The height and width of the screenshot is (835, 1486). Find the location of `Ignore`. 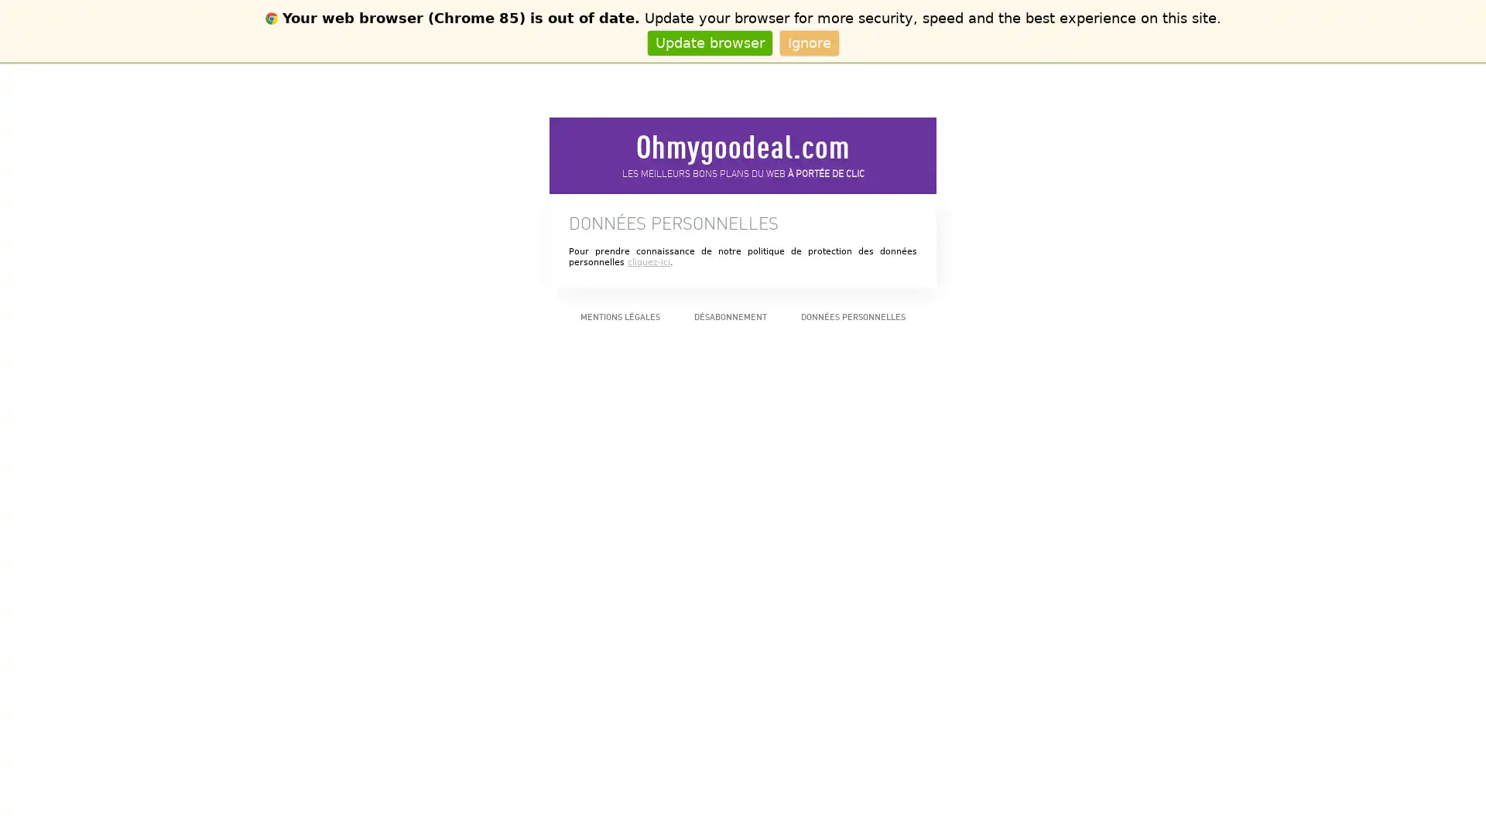

Ignore is located at coordinates (808, 42).